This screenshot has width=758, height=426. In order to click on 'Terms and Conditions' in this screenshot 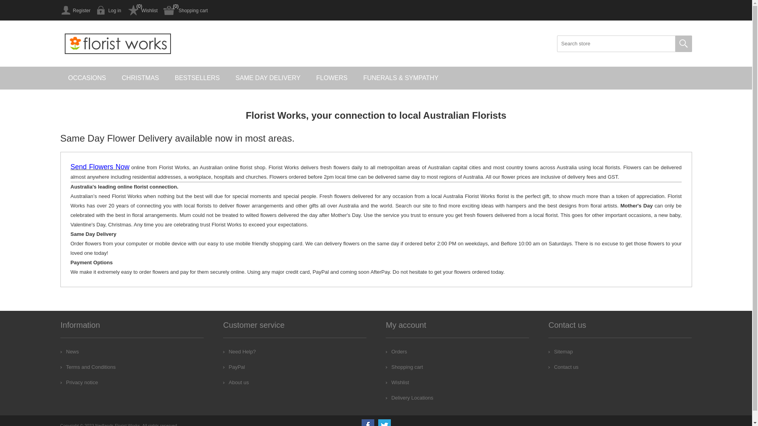, I will do `click(88, 367)`.